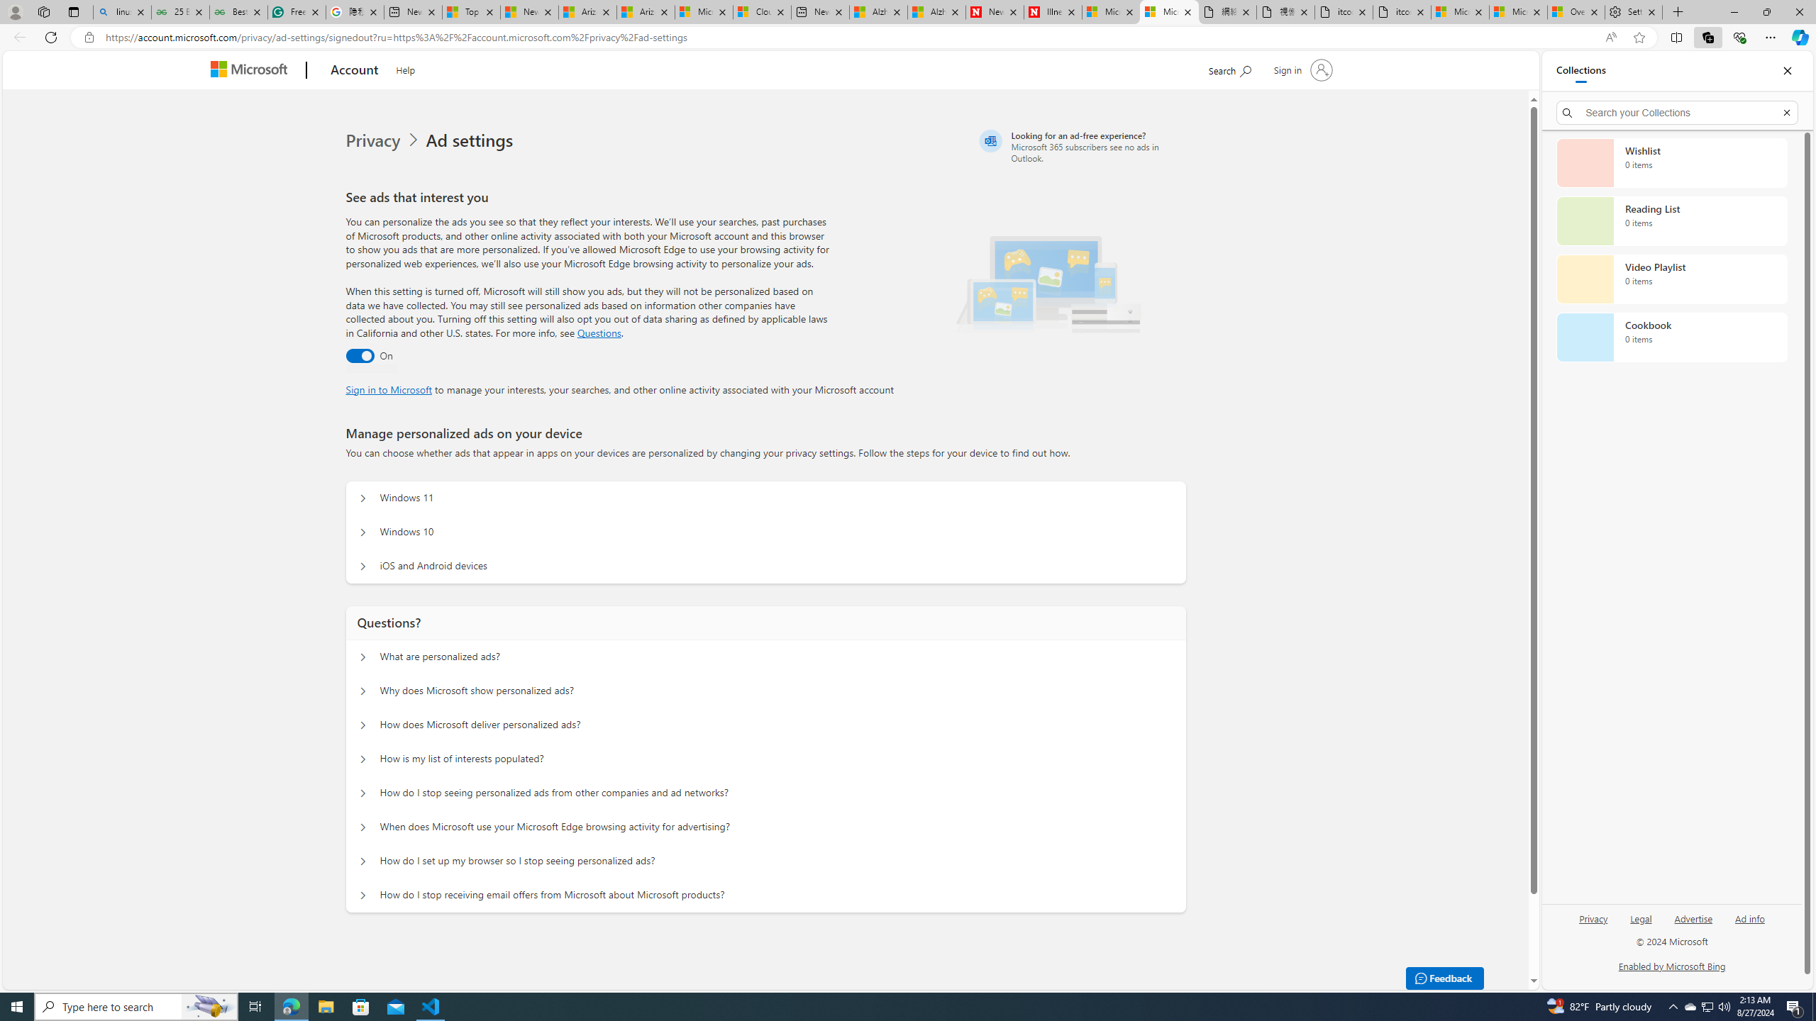  What do you see at coordinates (1080, 146) in the screenshot?
I see `'Looking for an ad-free experience?'` at bounding box center [1080, 146].